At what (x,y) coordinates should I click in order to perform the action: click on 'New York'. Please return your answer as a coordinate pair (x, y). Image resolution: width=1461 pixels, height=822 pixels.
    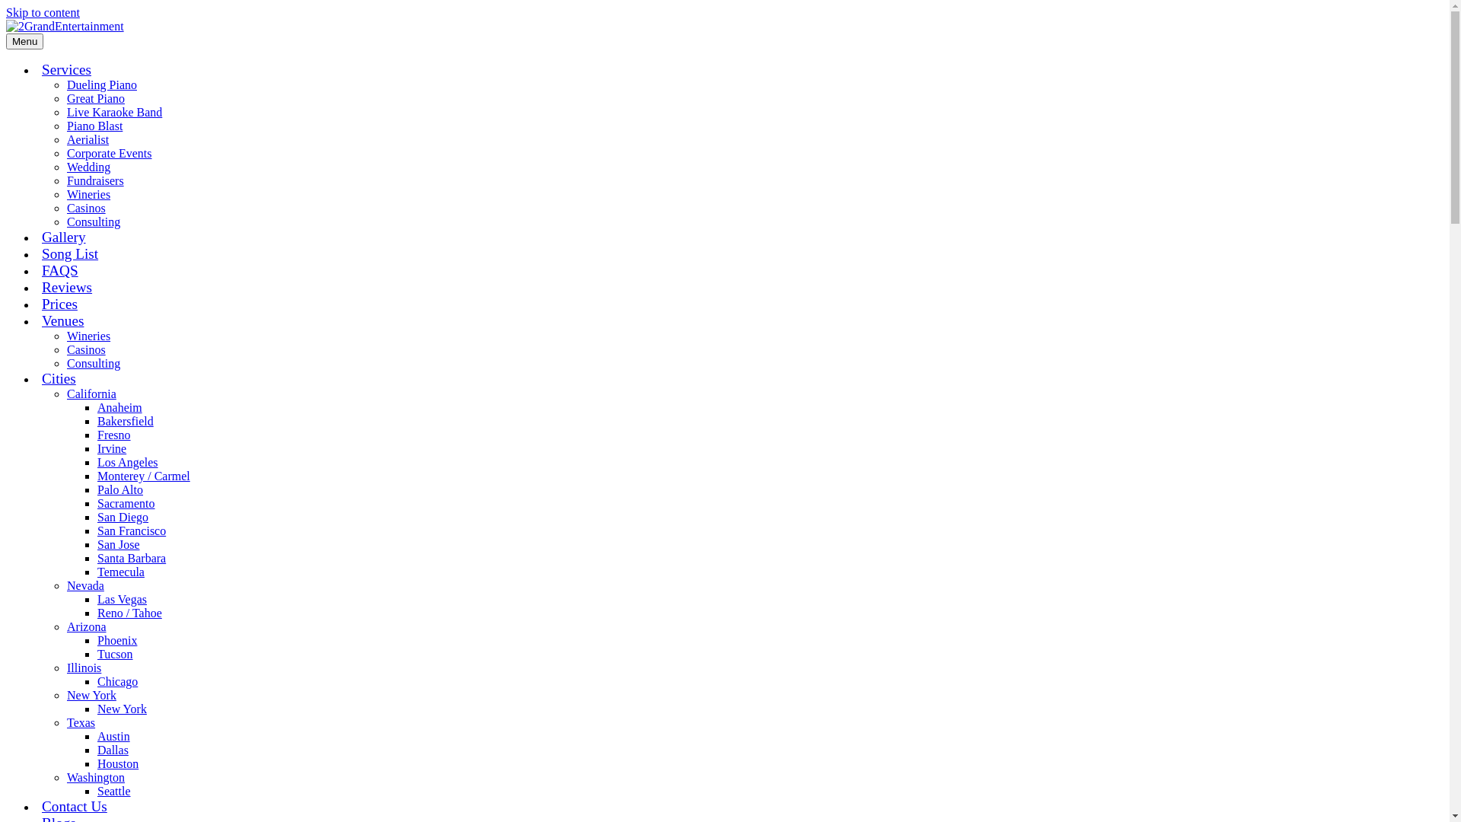
    Looking at the image, I should click on (91, 695).